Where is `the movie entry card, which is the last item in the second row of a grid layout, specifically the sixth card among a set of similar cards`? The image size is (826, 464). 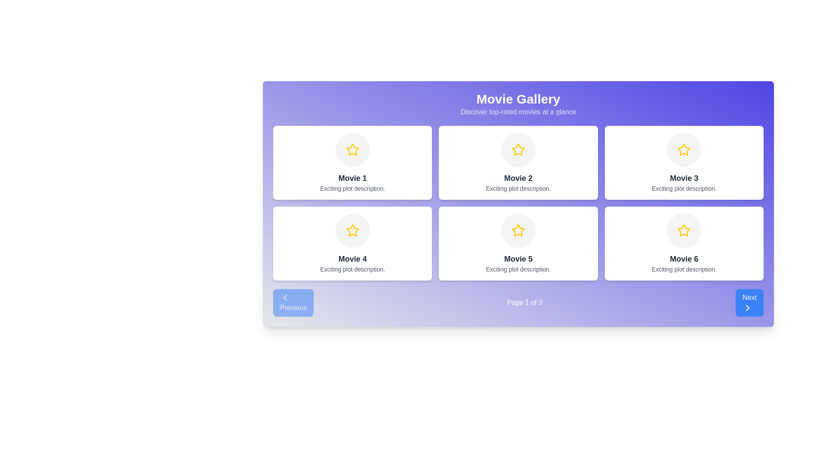 the movie entry card, which is the last item in the second row of a grid layout, specifically the sixth card among a set of similar cards is located at coordinates (684, 244).